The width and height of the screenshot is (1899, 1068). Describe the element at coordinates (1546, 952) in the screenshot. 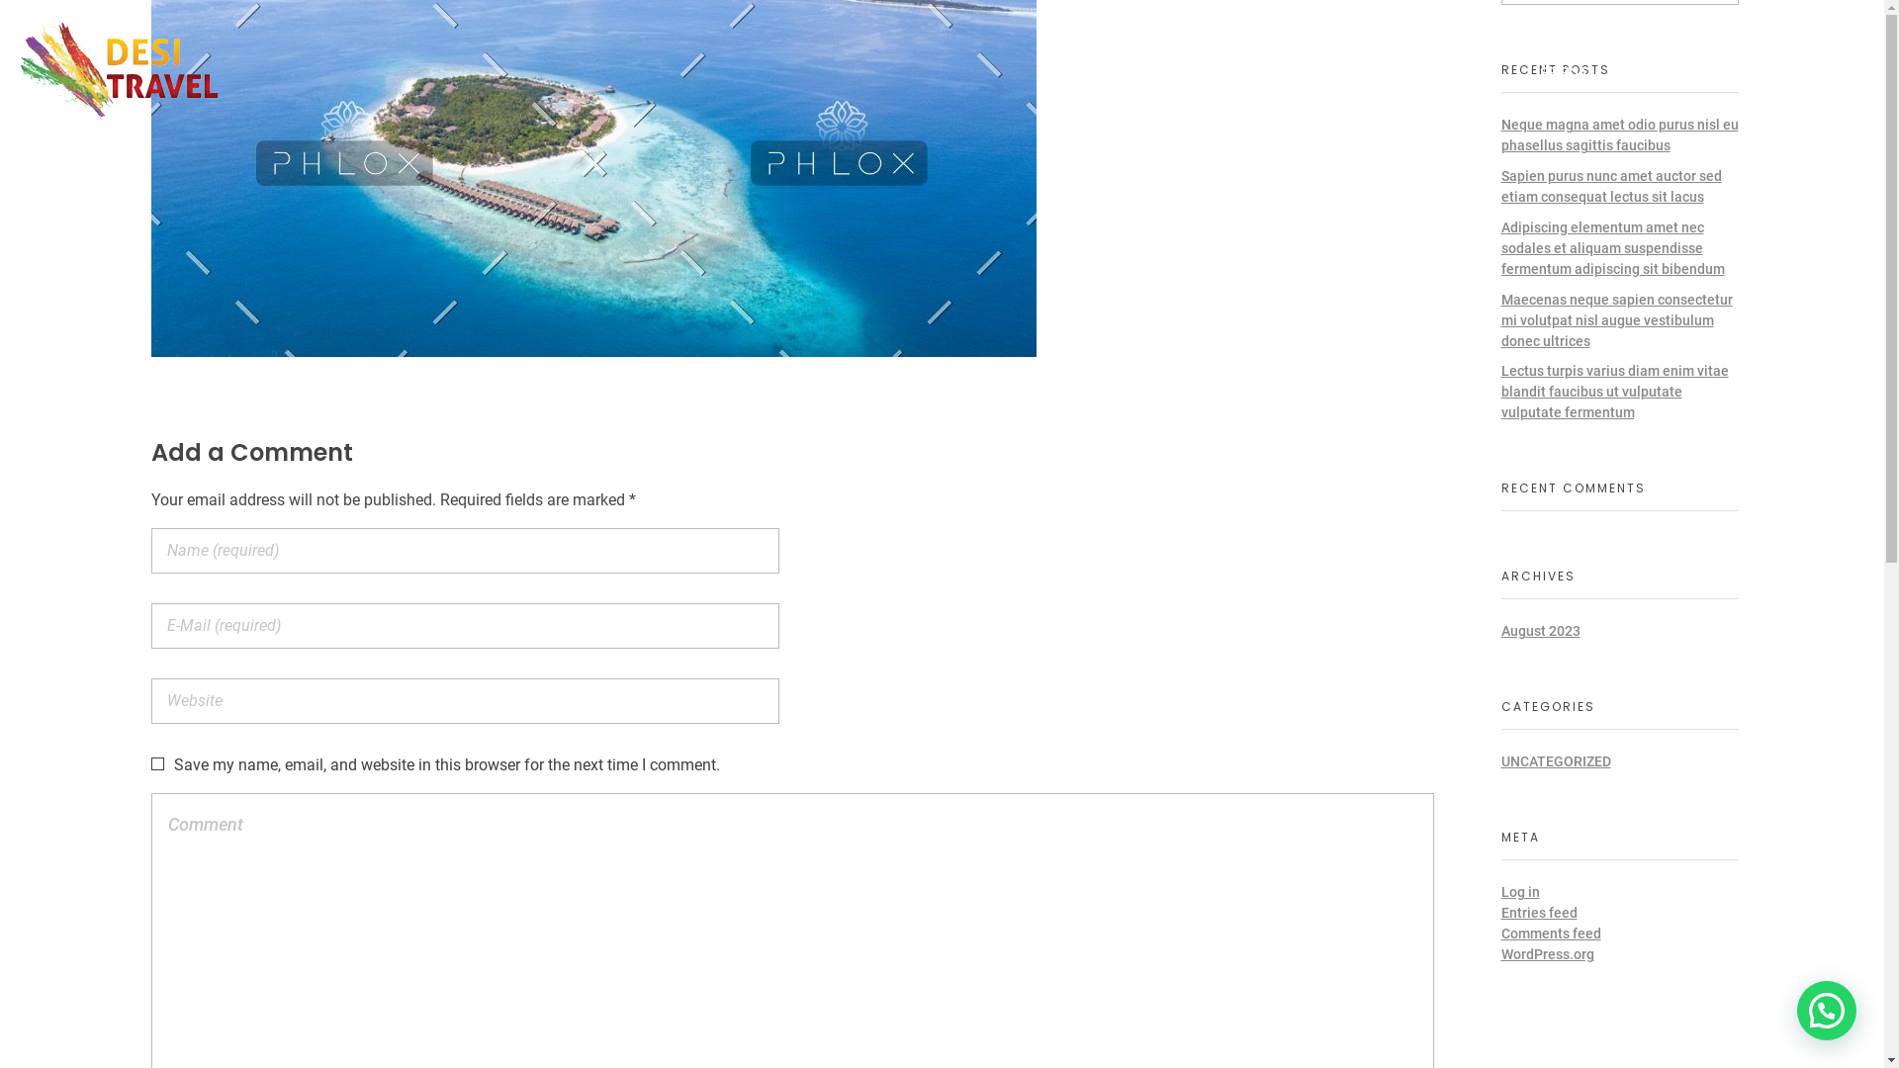

I see `'WordPress.org'` at that location.